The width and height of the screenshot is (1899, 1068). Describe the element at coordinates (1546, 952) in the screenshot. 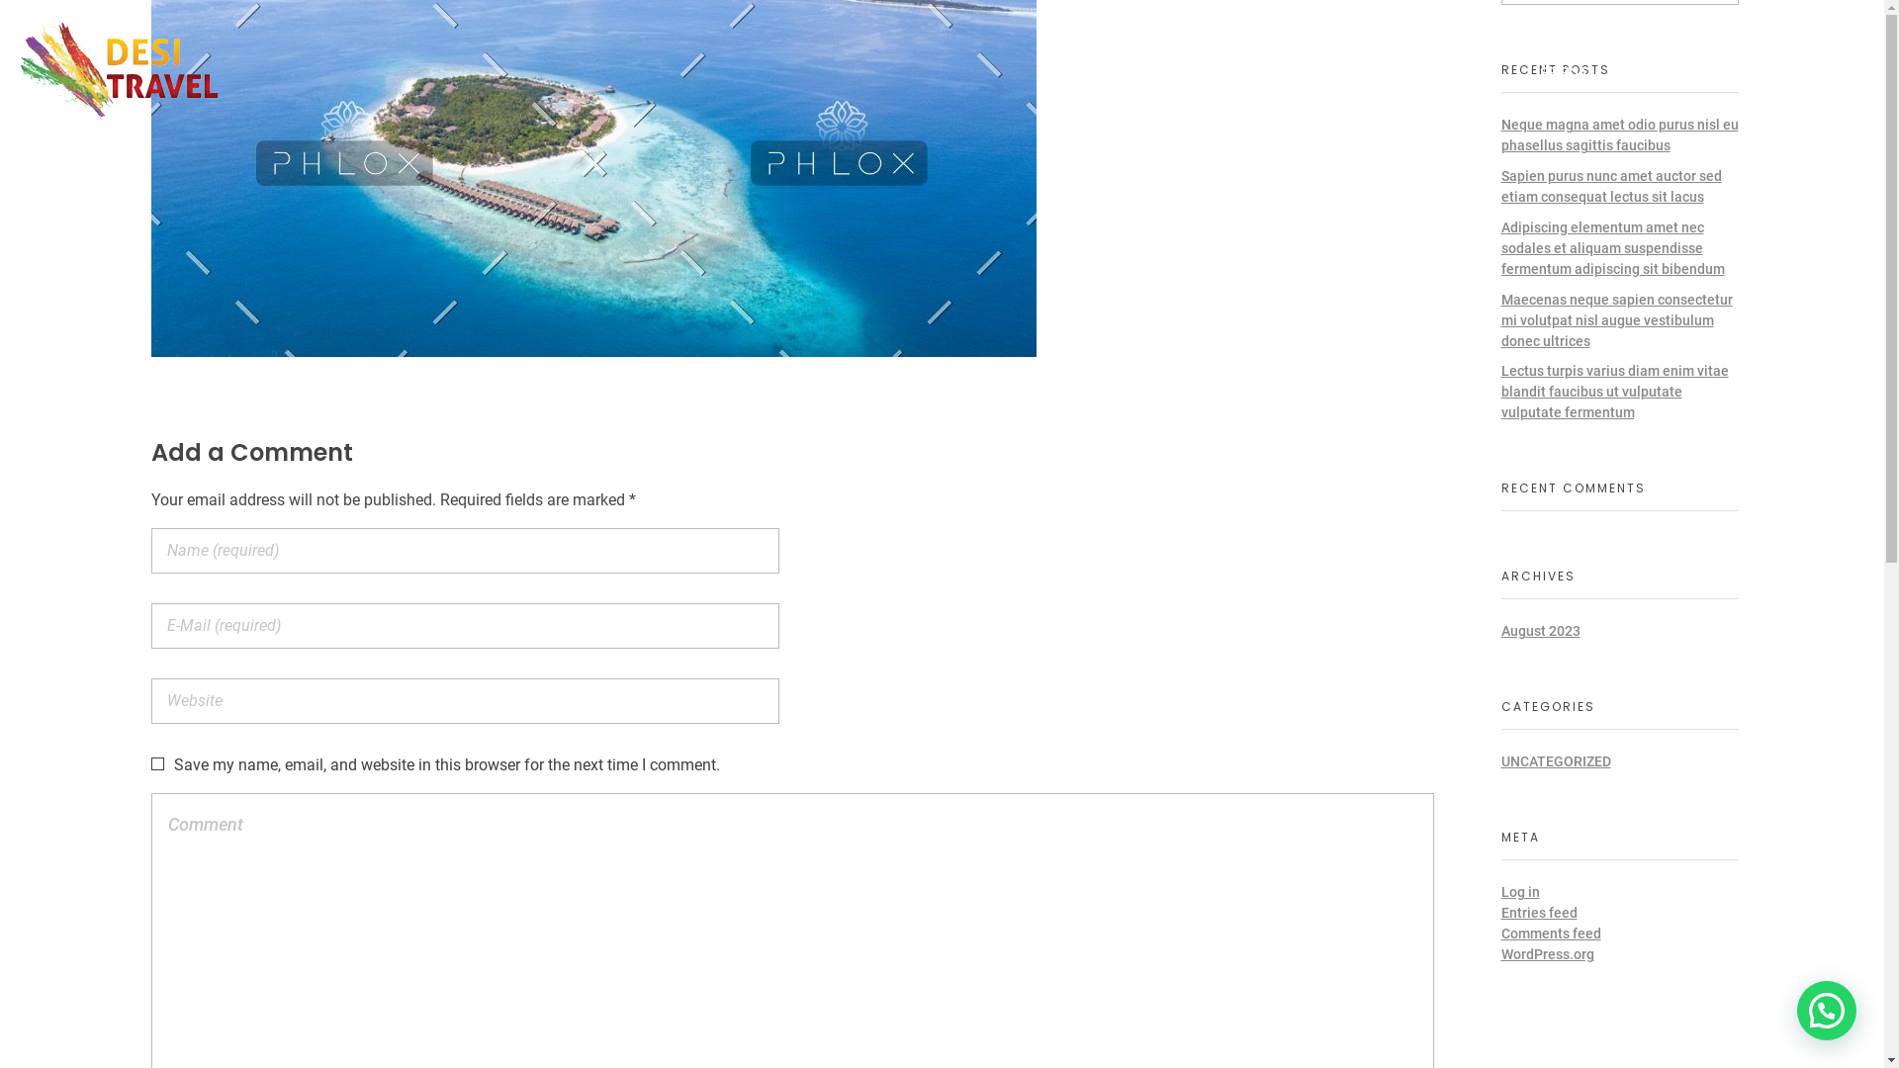

I see `'WordPress.org'` at that location.